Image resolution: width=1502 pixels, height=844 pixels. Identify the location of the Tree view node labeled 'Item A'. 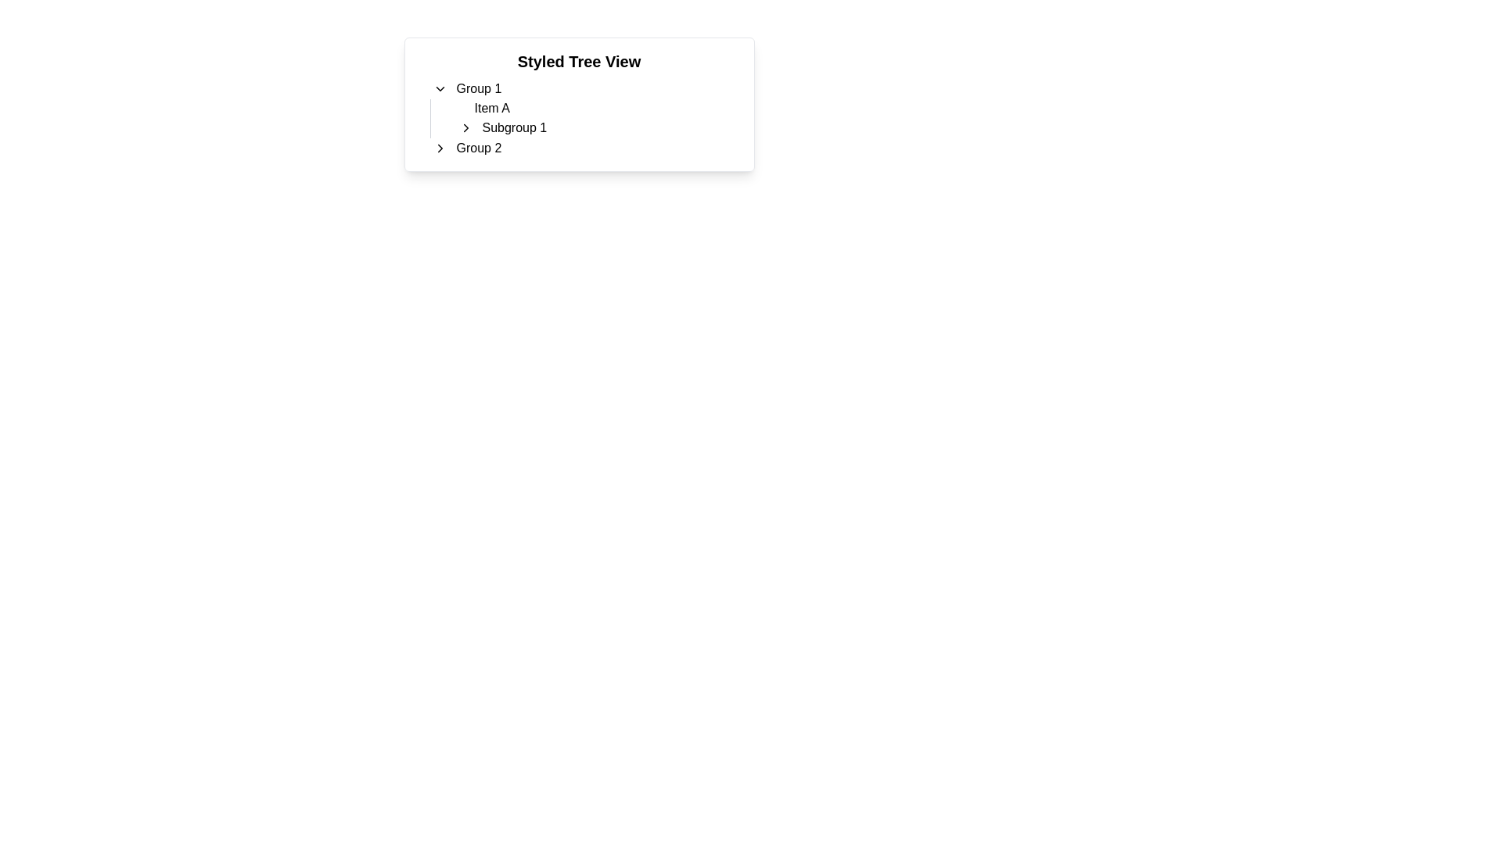
(597, 107).